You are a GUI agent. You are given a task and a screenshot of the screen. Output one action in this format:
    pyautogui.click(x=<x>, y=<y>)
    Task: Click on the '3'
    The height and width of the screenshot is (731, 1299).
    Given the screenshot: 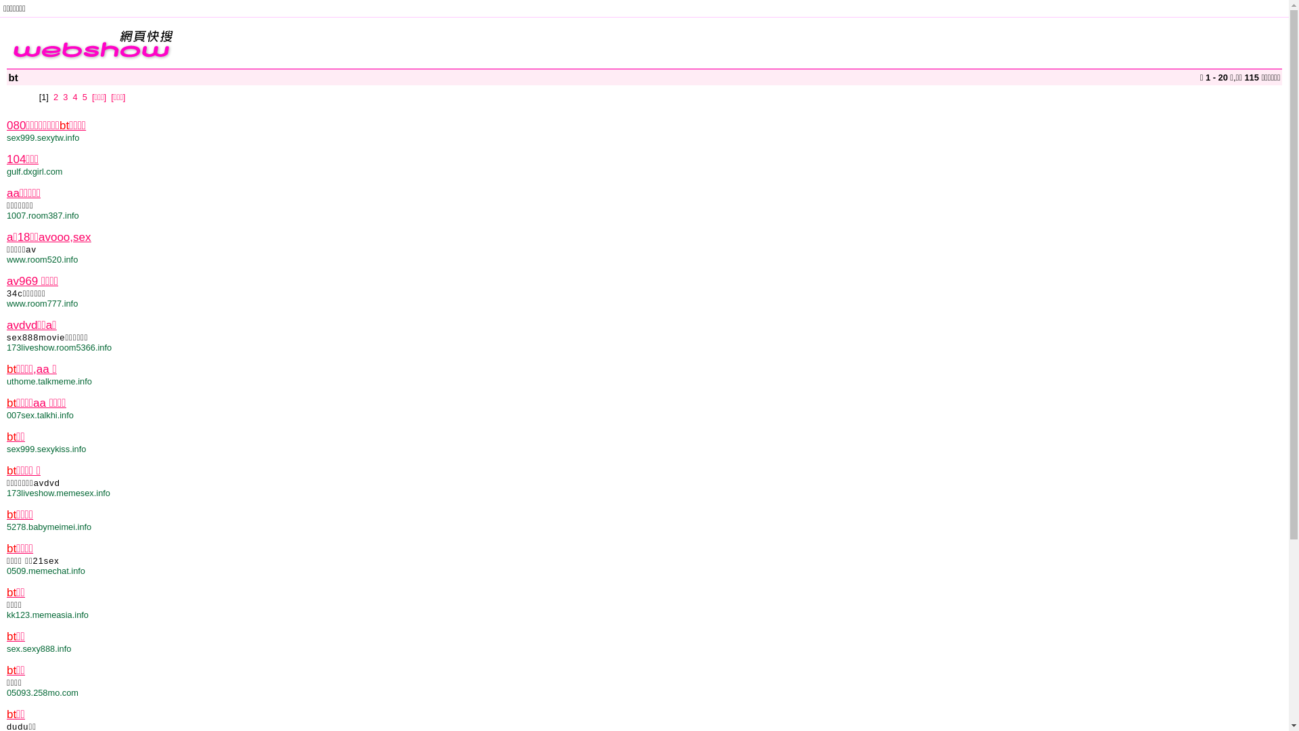 What is the action you would take?
    pyautogui.click(x=64, y=96)
    